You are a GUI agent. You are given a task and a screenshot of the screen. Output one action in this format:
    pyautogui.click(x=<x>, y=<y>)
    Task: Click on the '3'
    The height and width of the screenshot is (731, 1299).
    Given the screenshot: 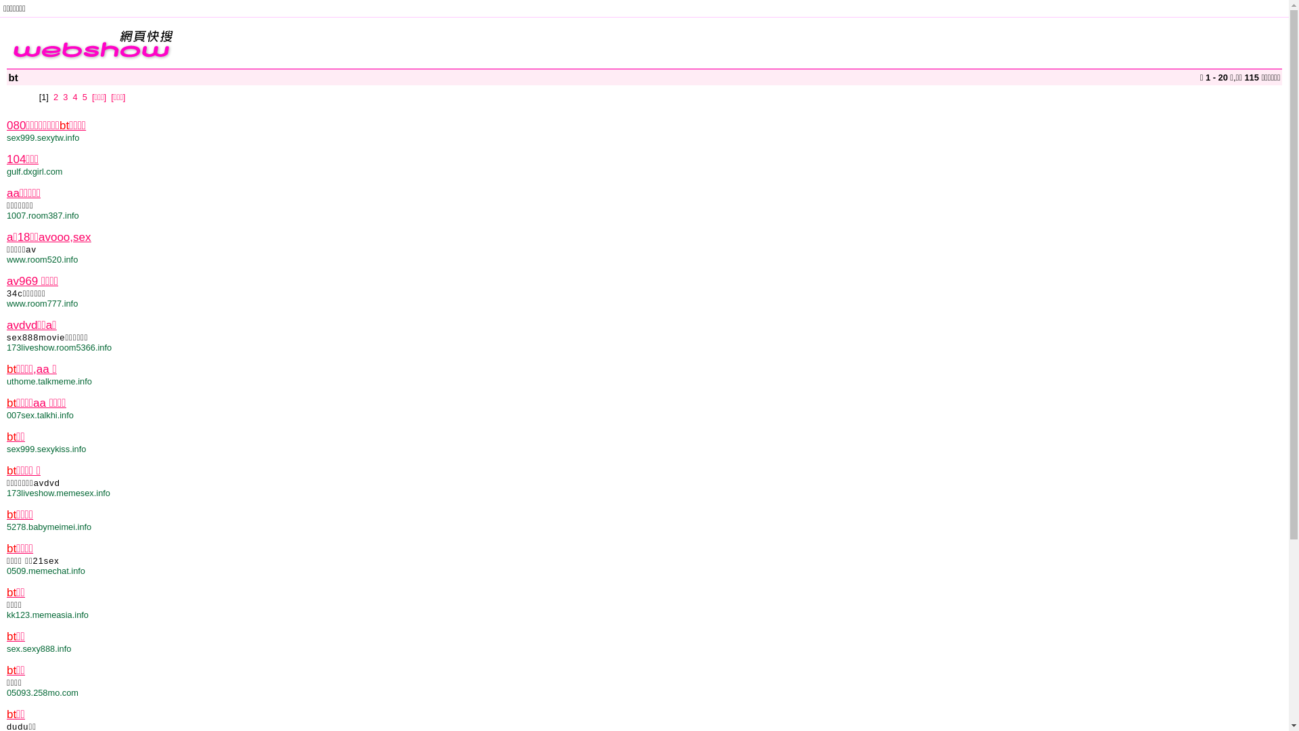 What is the action you would take?
    pyautogui.click(x=64, y=96)
    